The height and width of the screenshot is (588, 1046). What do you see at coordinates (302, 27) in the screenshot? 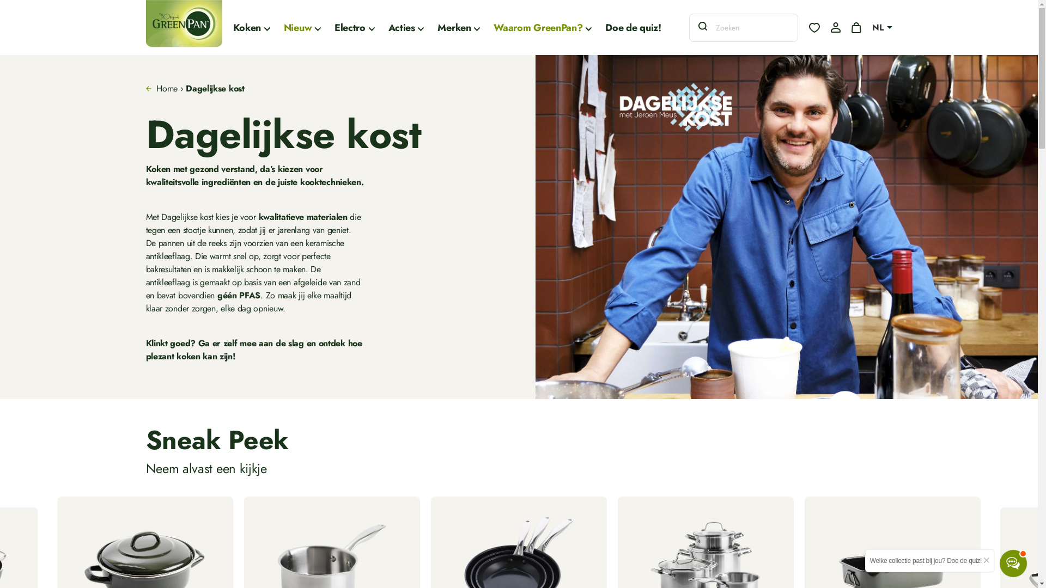
I see `'Nieuw'` at bounding box center [302, 27].